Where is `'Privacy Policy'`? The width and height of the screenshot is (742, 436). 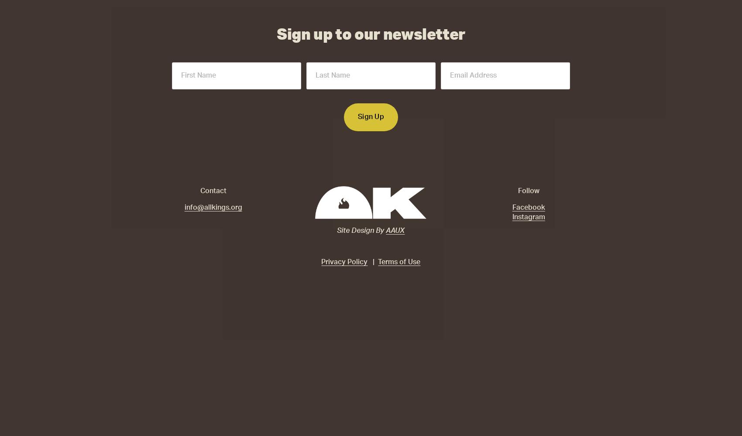
'Privacy Policy' is located at coordinates (344, 261).